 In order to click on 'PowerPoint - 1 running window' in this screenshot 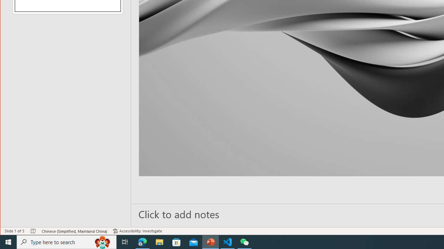, I will do `click(210, 241)`.